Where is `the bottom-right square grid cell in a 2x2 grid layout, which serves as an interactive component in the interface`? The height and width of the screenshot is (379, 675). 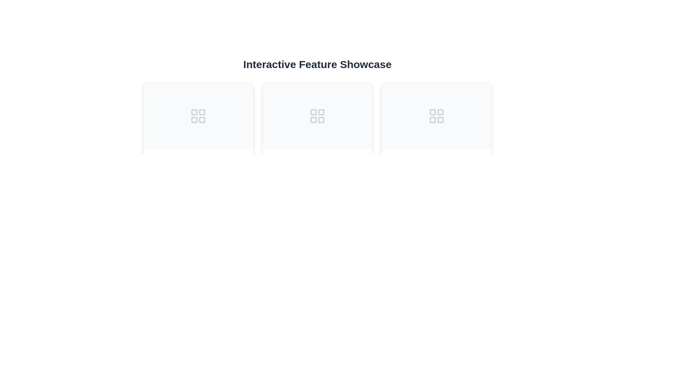 the bottom-right square grid cell in a 2x2 grid layout, which serves as an interactive component in the interface is located at coordinates (202, 120).